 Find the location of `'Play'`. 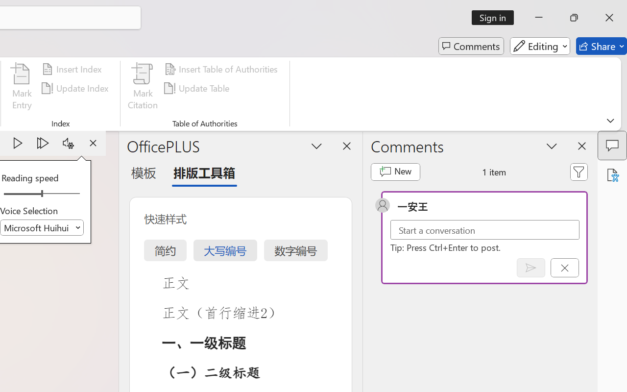

'Play' is located at coordinates (18, 143).